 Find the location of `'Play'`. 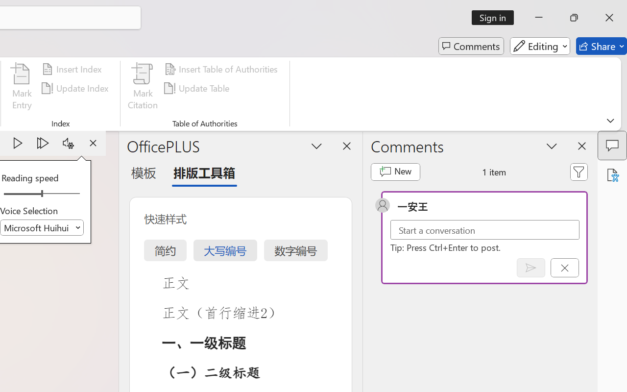

'Play' is located at coordinates (18, 143).